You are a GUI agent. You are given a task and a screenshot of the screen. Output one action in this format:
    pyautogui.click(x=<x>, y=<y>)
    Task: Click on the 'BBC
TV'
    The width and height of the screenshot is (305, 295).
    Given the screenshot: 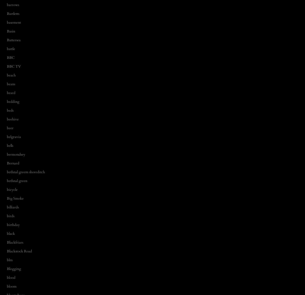 What is the action you would take?
    pyautogui.click(x=13, y=66)
    